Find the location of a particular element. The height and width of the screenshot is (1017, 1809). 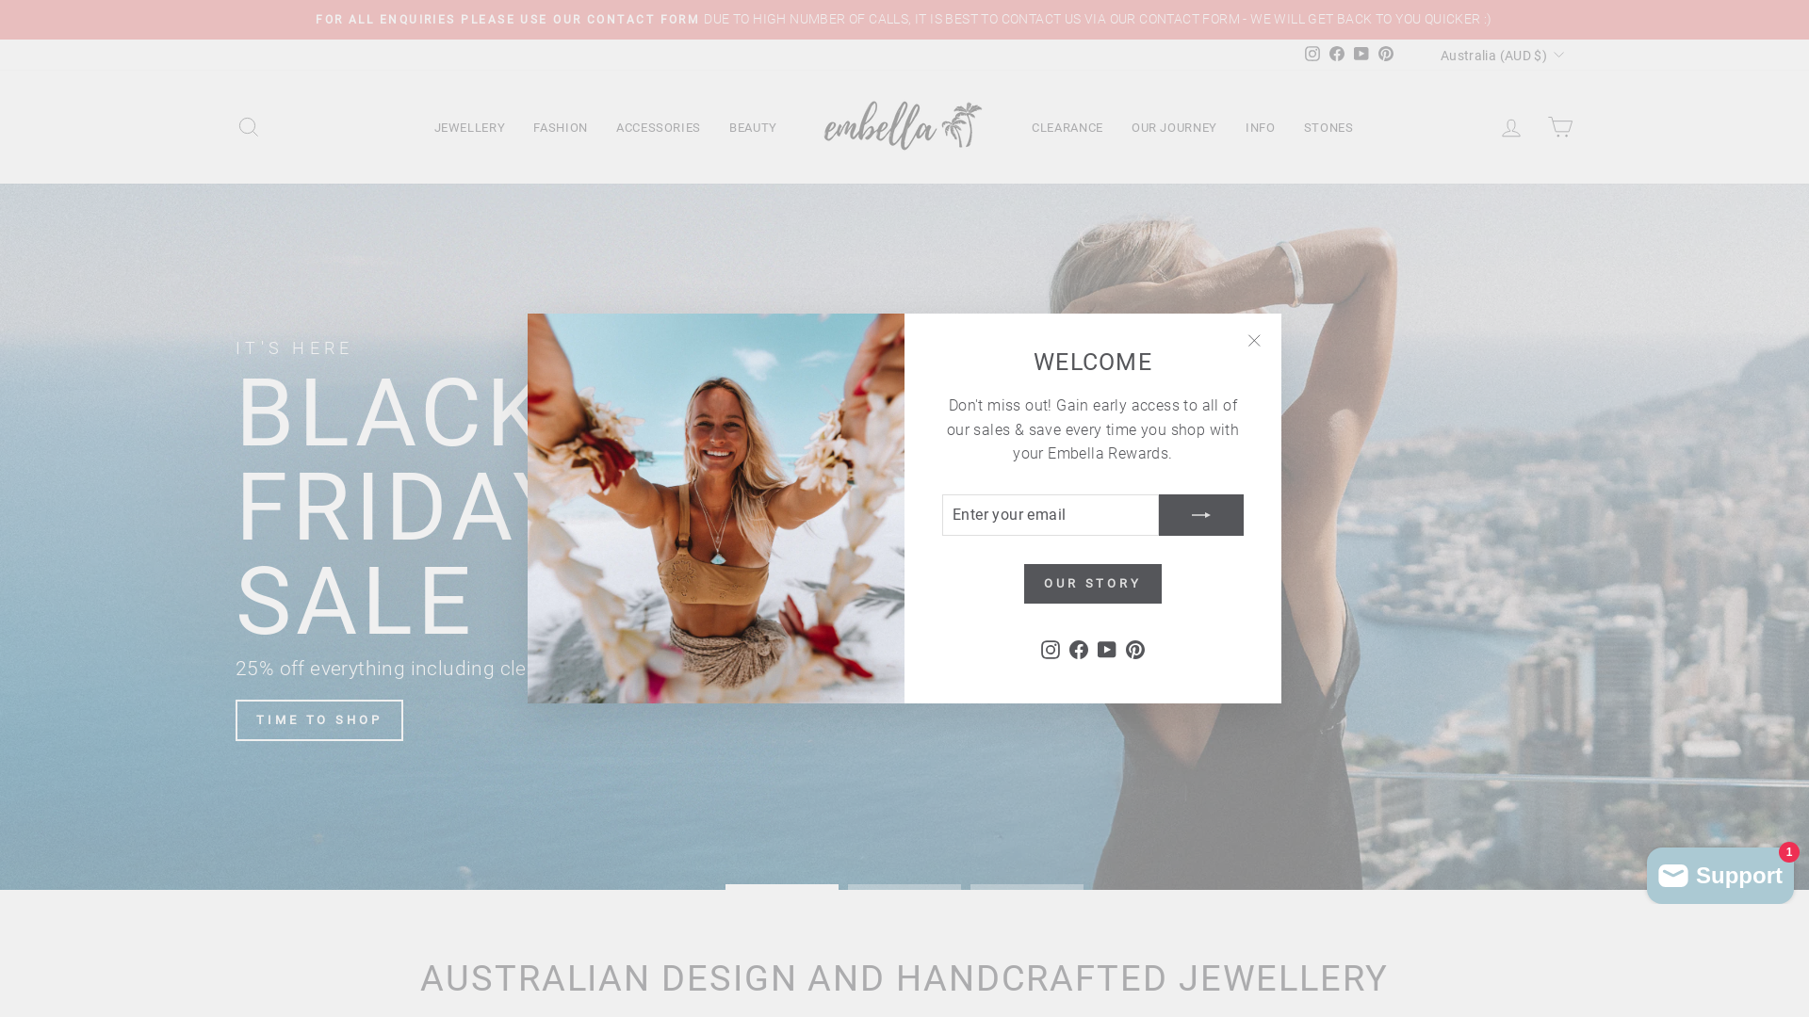

'Skip to content' is located at coordinates (0, 0).